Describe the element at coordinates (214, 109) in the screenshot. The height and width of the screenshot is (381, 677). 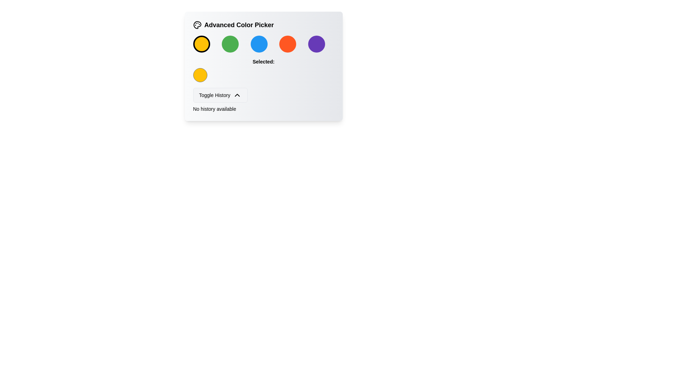
I see `the static text label indicating that there is no history data currently available, located beneath the 'Toggle History' button in the history section of the main card layout` at that location.